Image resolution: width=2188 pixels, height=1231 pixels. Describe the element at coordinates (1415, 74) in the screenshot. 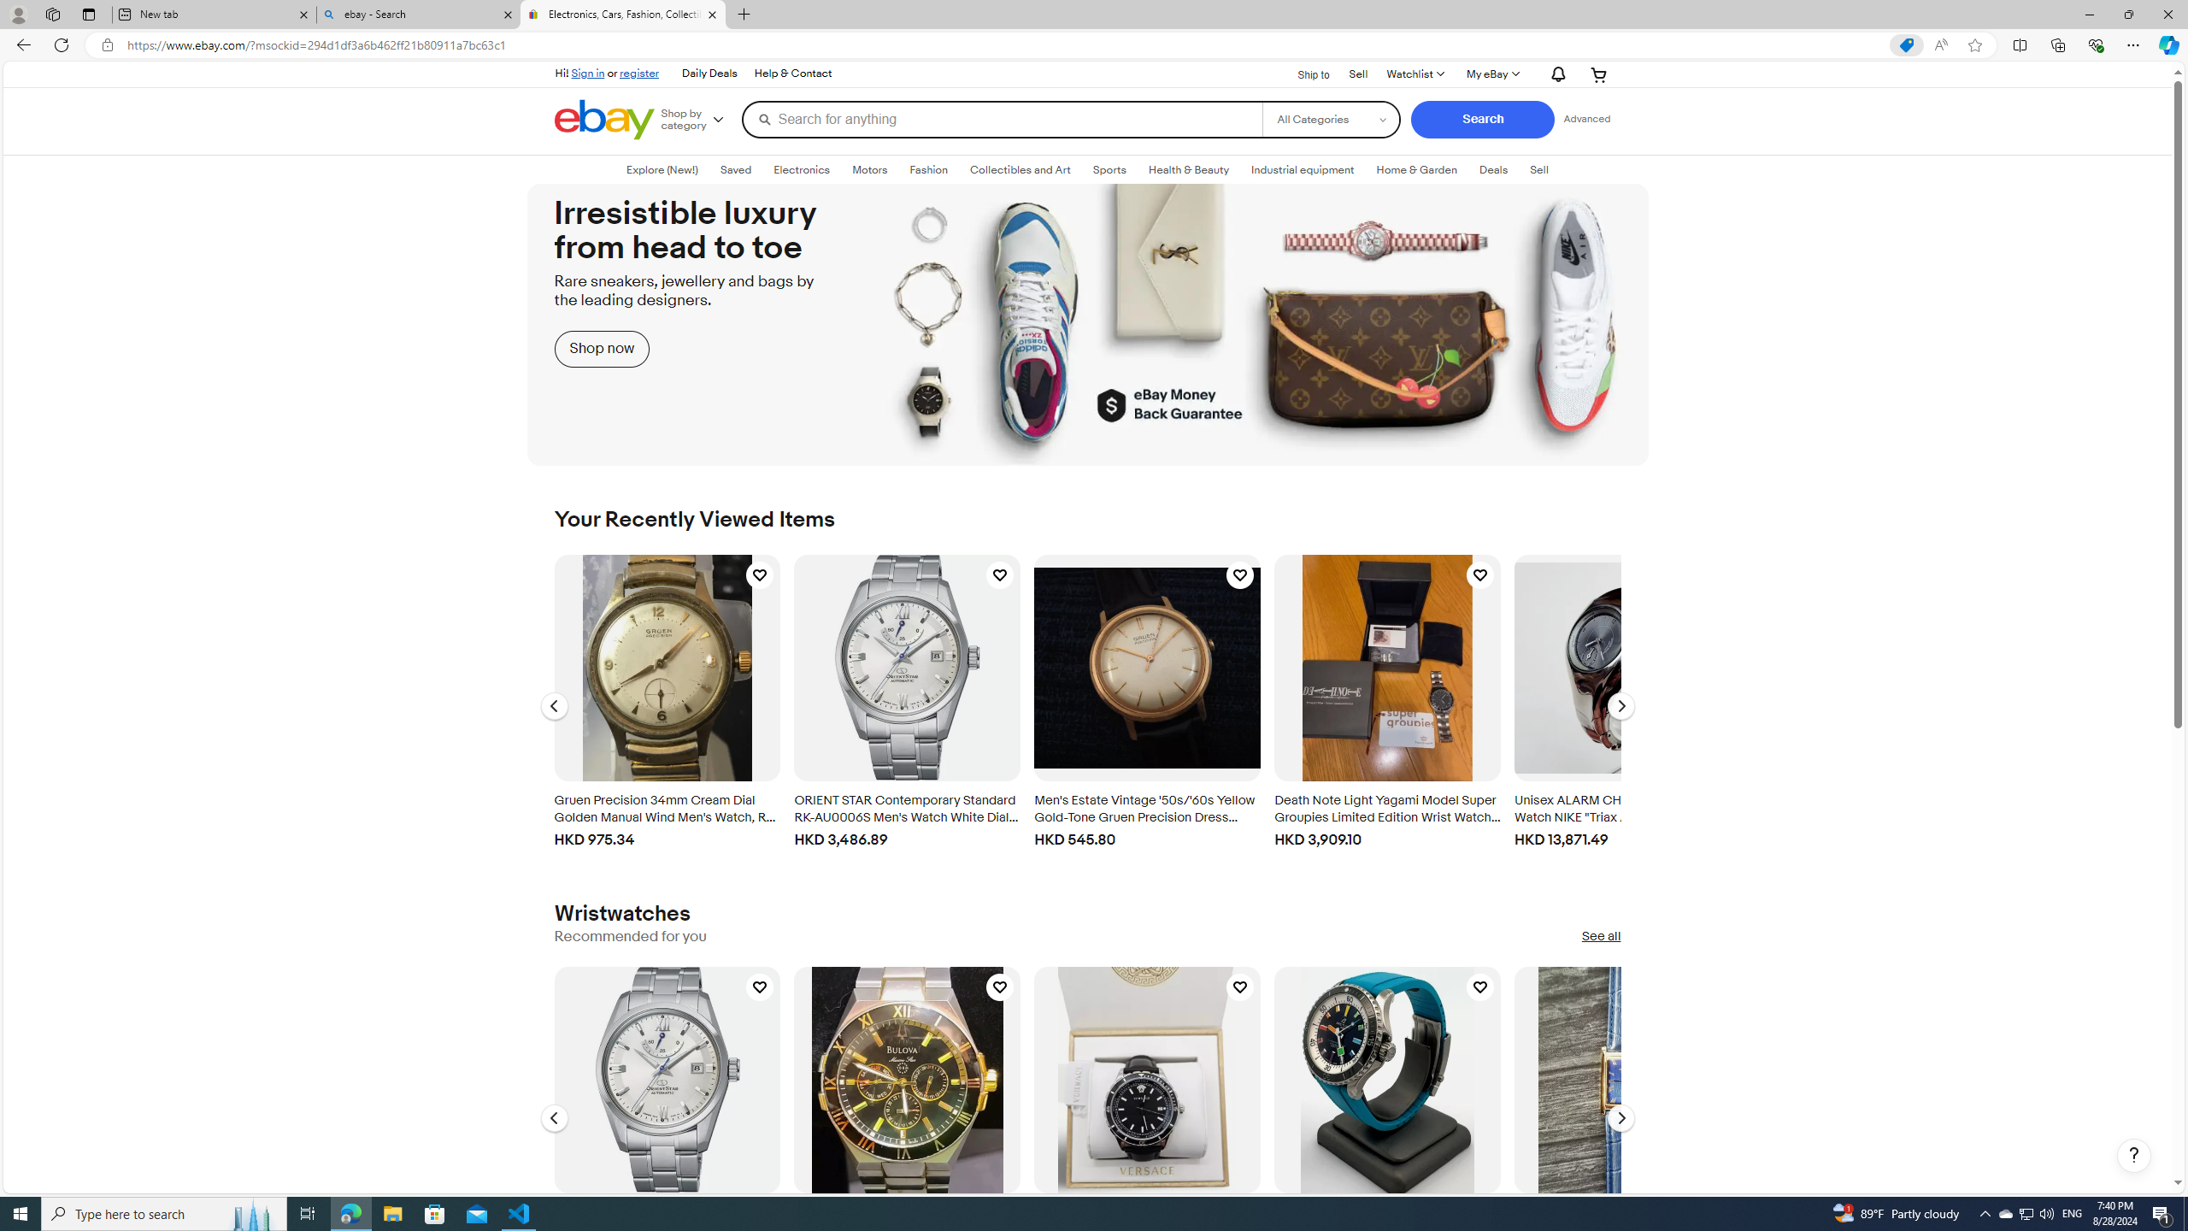

I see `'AutomationID: gh-wl-click'` at that location.